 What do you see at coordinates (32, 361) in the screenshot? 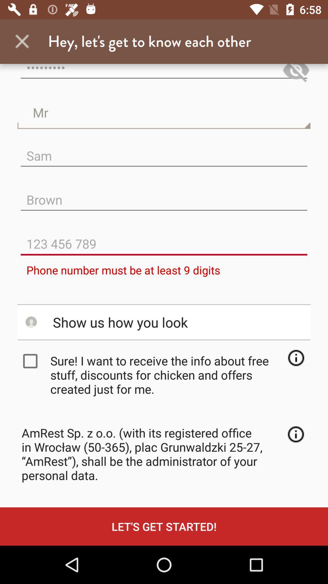
I see `agree to receive news` at bounding box center [32, 361].